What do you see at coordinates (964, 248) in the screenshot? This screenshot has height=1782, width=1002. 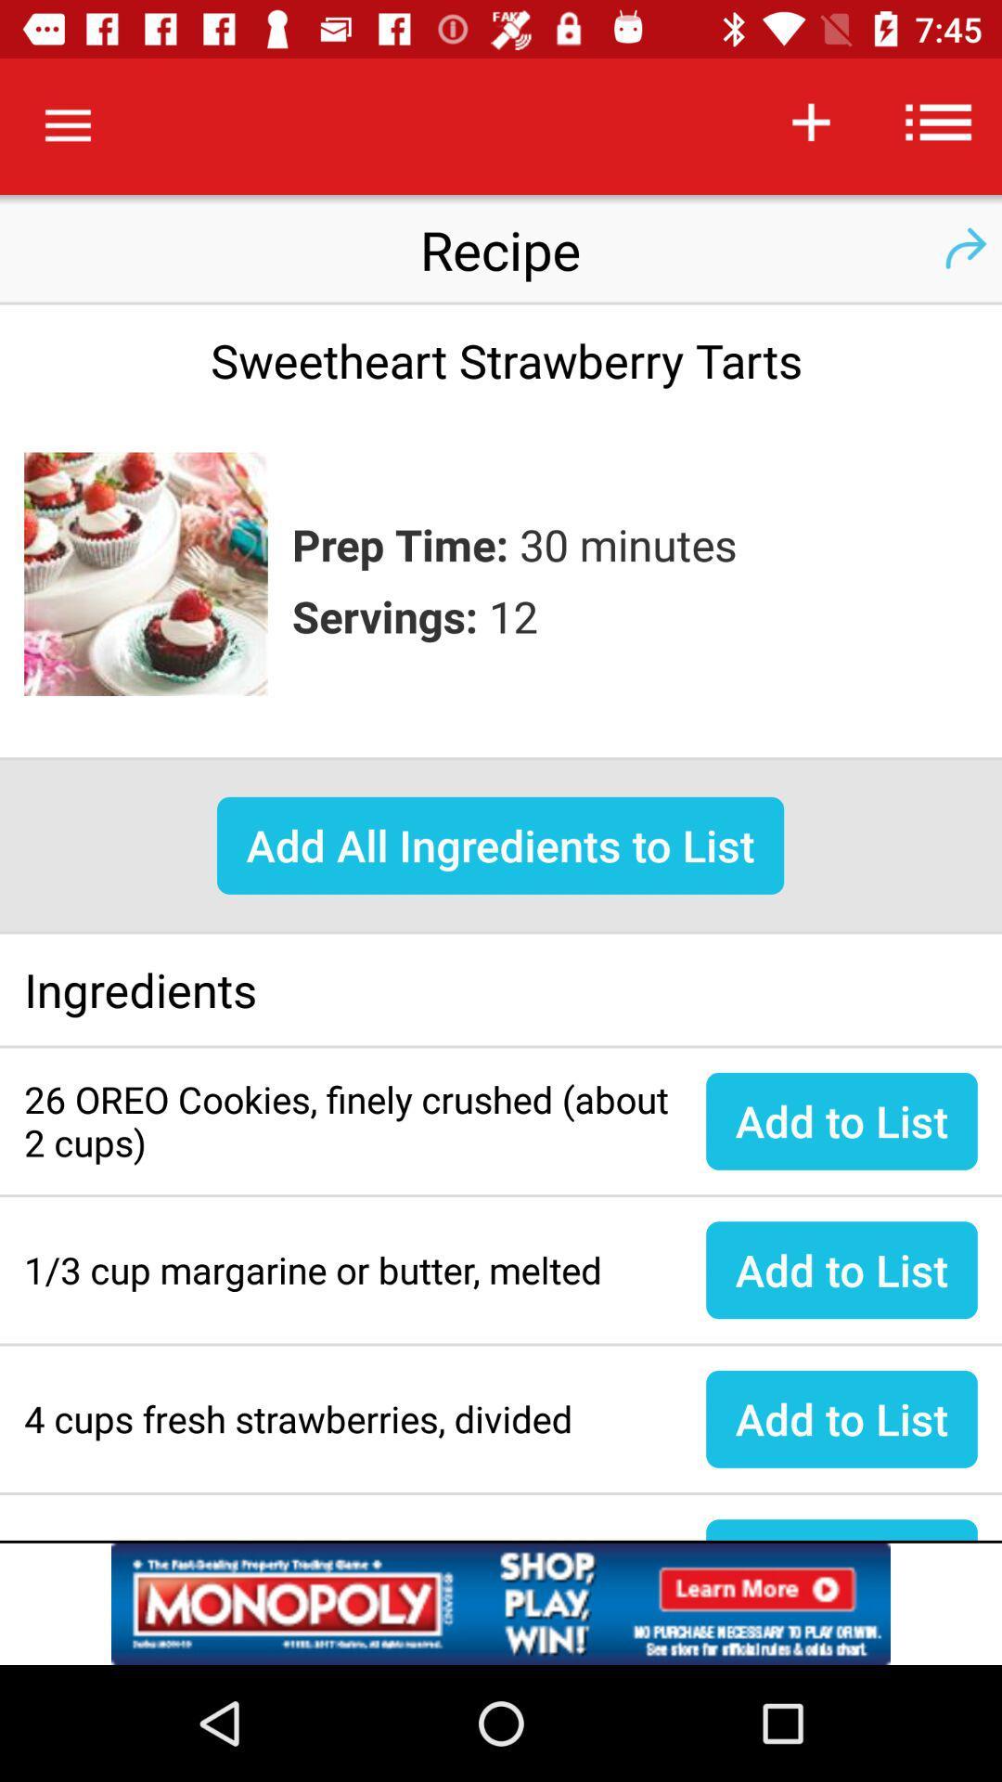 I see `the icon next to recipe at top of the page` at bounding box center [964, 248].